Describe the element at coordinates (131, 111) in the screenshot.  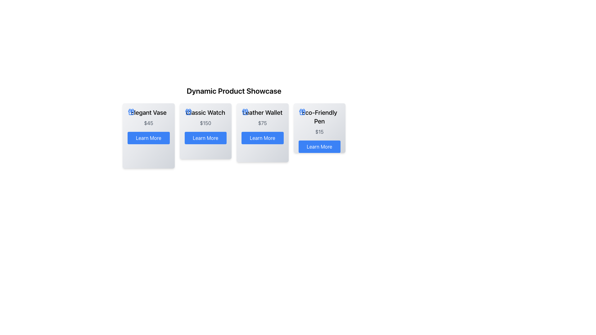
I see `the decorative graphical element of the gift icon located at the top-left corner of the 'Elegant Vase' card` at that location.